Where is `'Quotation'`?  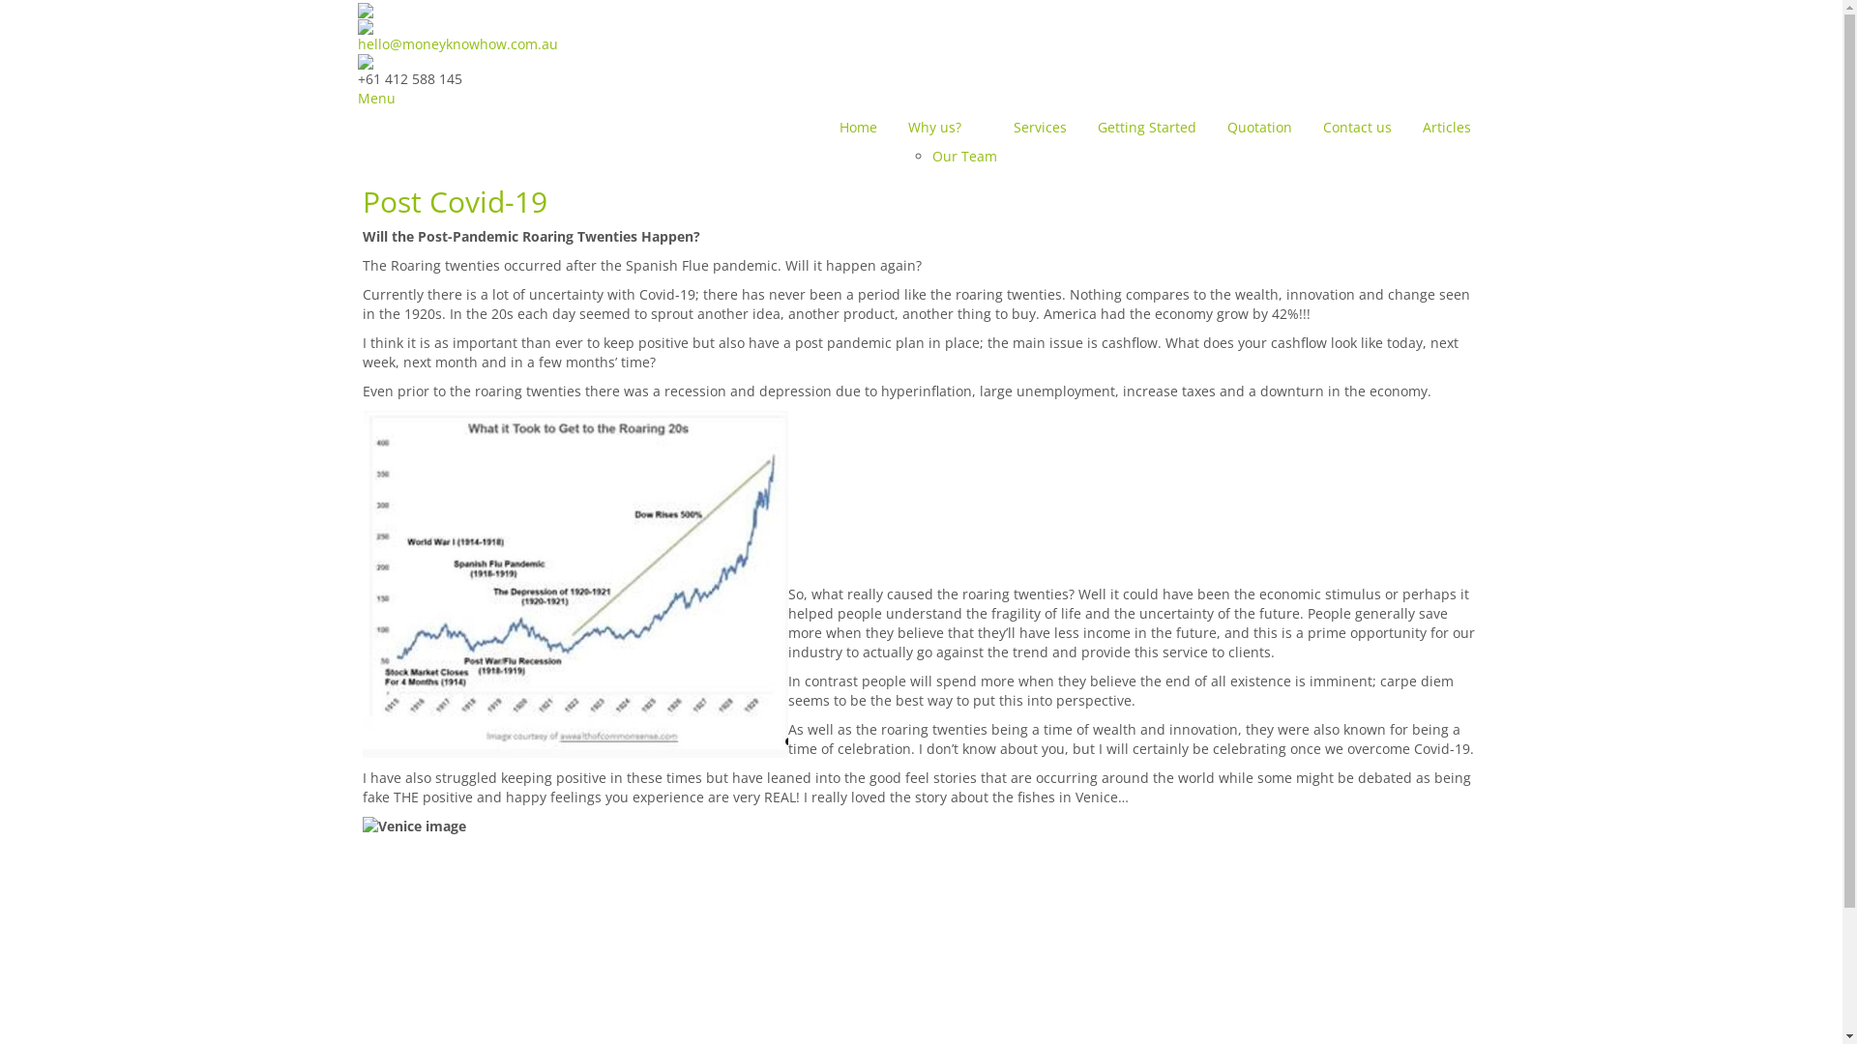
'Quotation' is located at coordinates (1259, 127).